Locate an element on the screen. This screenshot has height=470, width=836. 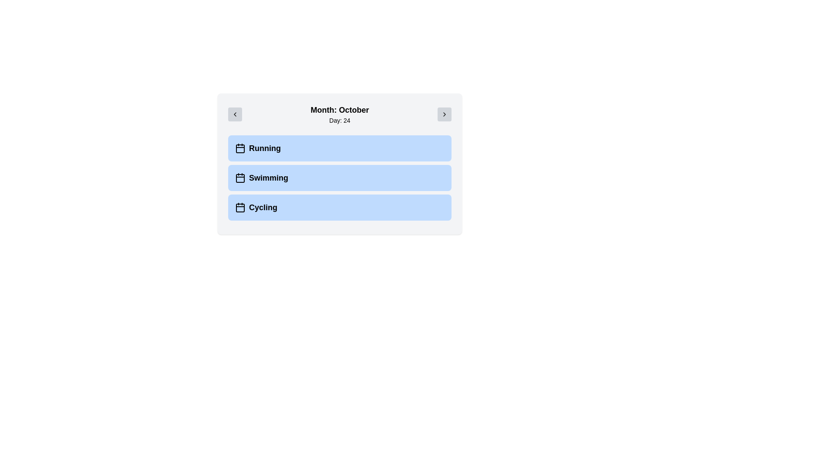
the navigation button located at the top-left corner of the calendar view is located at coordinates (235, 114).